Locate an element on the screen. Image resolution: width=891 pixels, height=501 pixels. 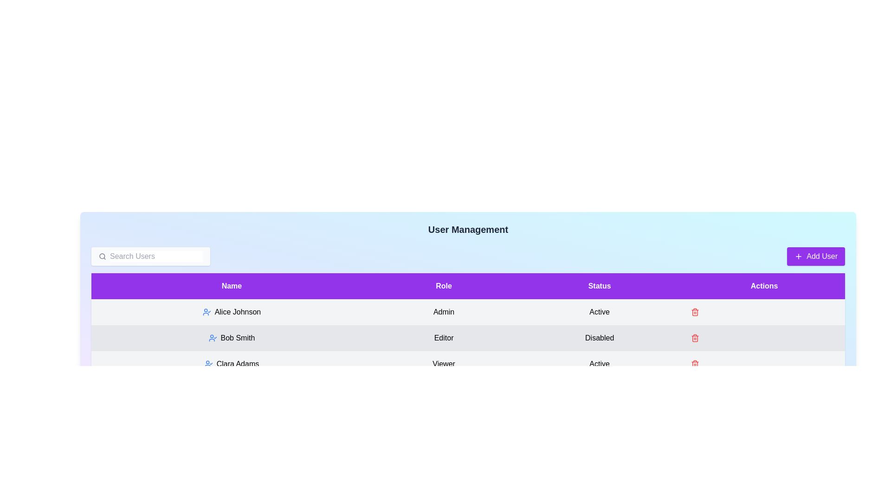
the trash icon next to the user Bob Smith to delete them is located at coordinates (695, 338).